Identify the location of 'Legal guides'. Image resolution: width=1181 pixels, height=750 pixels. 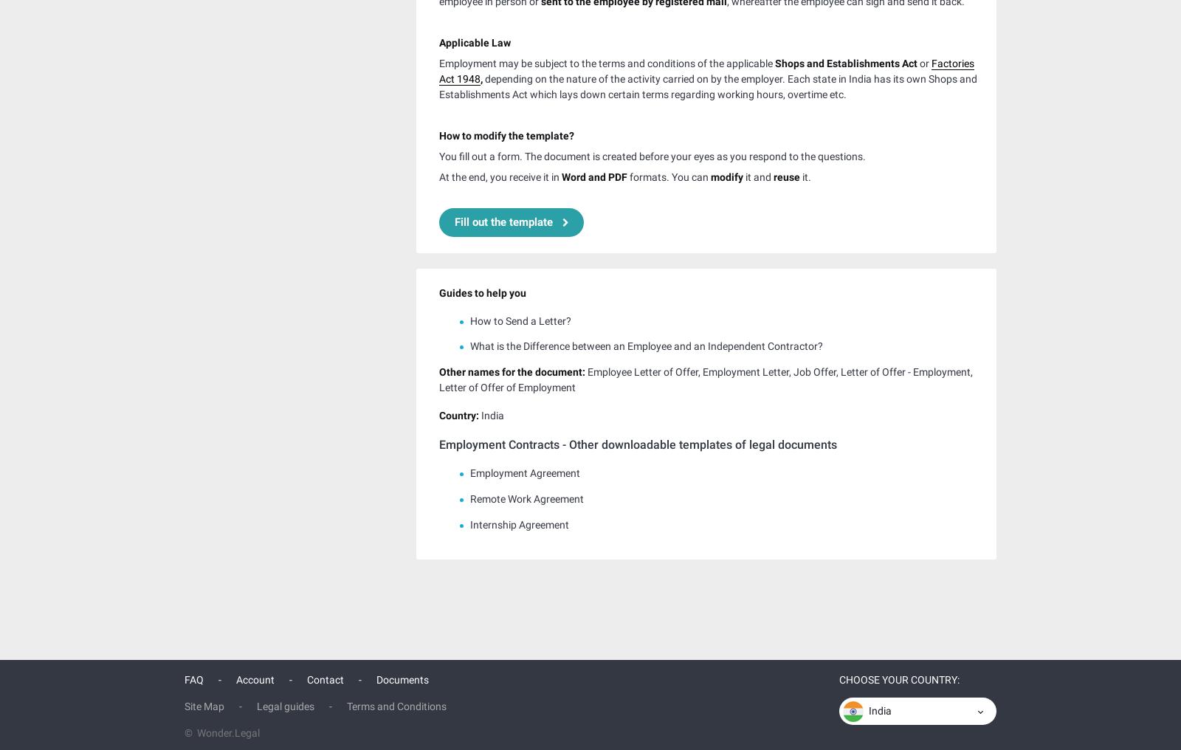
(257, 703).